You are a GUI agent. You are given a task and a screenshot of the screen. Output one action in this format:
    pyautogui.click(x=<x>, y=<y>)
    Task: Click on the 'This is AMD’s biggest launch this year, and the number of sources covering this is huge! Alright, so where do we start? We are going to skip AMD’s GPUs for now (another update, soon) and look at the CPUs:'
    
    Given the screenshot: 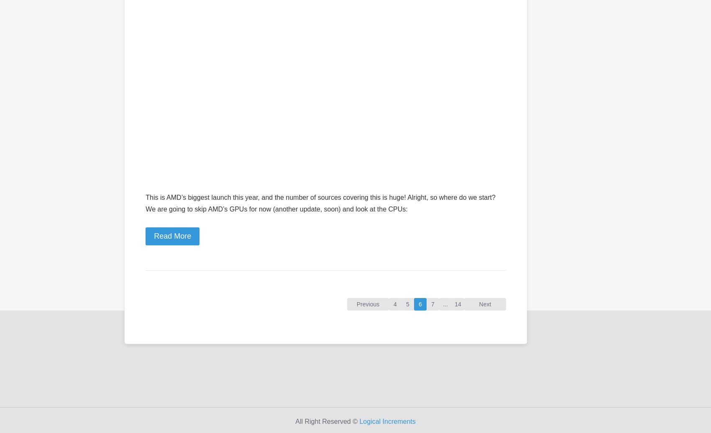 What is the action you would take?
    pyautogui.click(x=320, y=203)
    